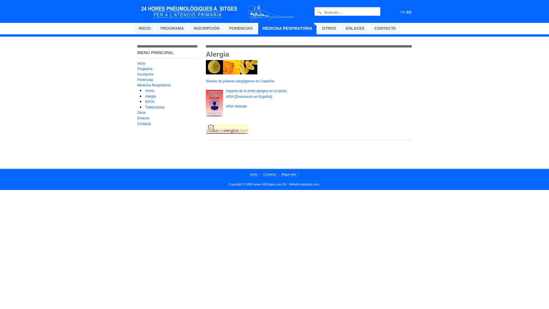  I want to click on 'Mapa web', so click(280, 174).